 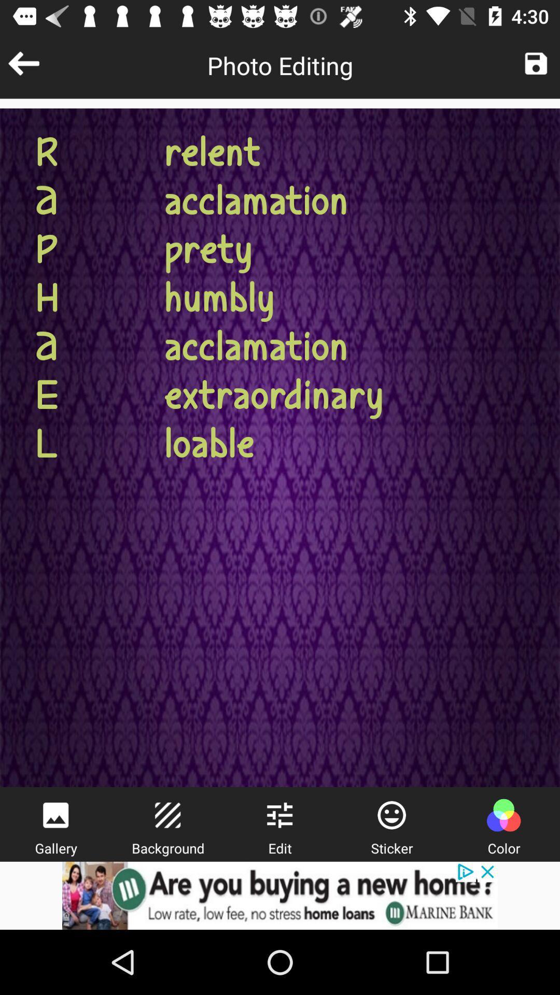 What do you see at coordinates (167, 815) in the screenshot?
I see `edit background` at bounding box center [167, 815].